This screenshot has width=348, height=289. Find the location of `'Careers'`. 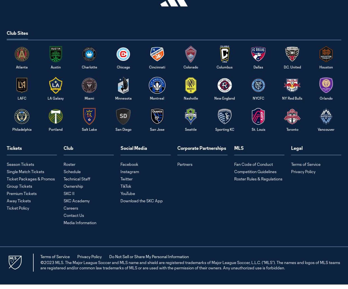

'Careers' is located at coordinates (70, 208).